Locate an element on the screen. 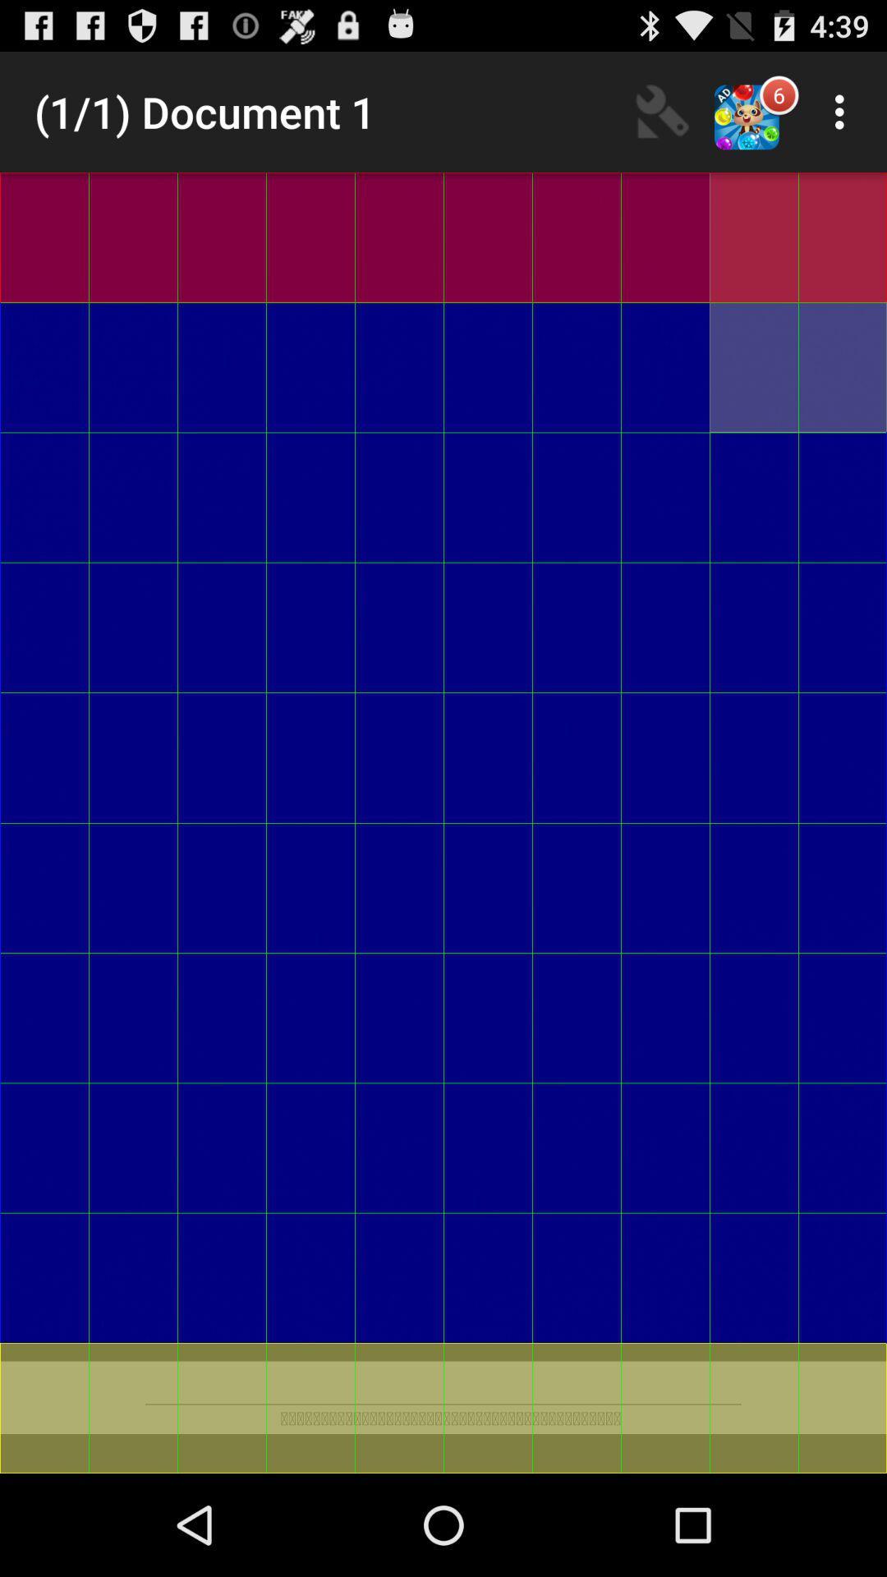  the app to the right of the 6 app is located at coordinates (843, 111).